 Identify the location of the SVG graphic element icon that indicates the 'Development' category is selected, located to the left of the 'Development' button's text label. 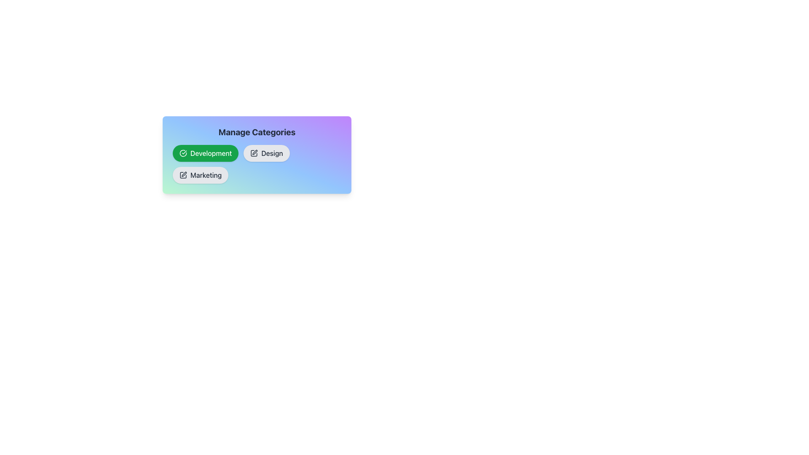
(183, 153).